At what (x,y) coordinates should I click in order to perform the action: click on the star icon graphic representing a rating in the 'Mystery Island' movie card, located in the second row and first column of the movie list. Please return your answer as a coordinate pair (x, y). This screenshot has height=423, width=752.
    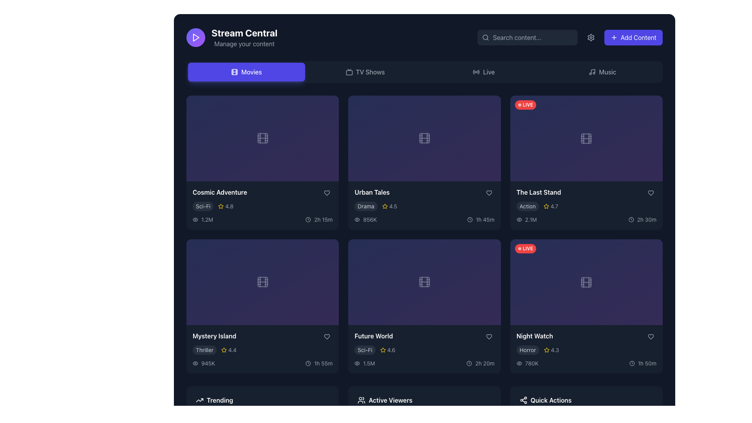
    Looking at the image, I should click on (224, 349).